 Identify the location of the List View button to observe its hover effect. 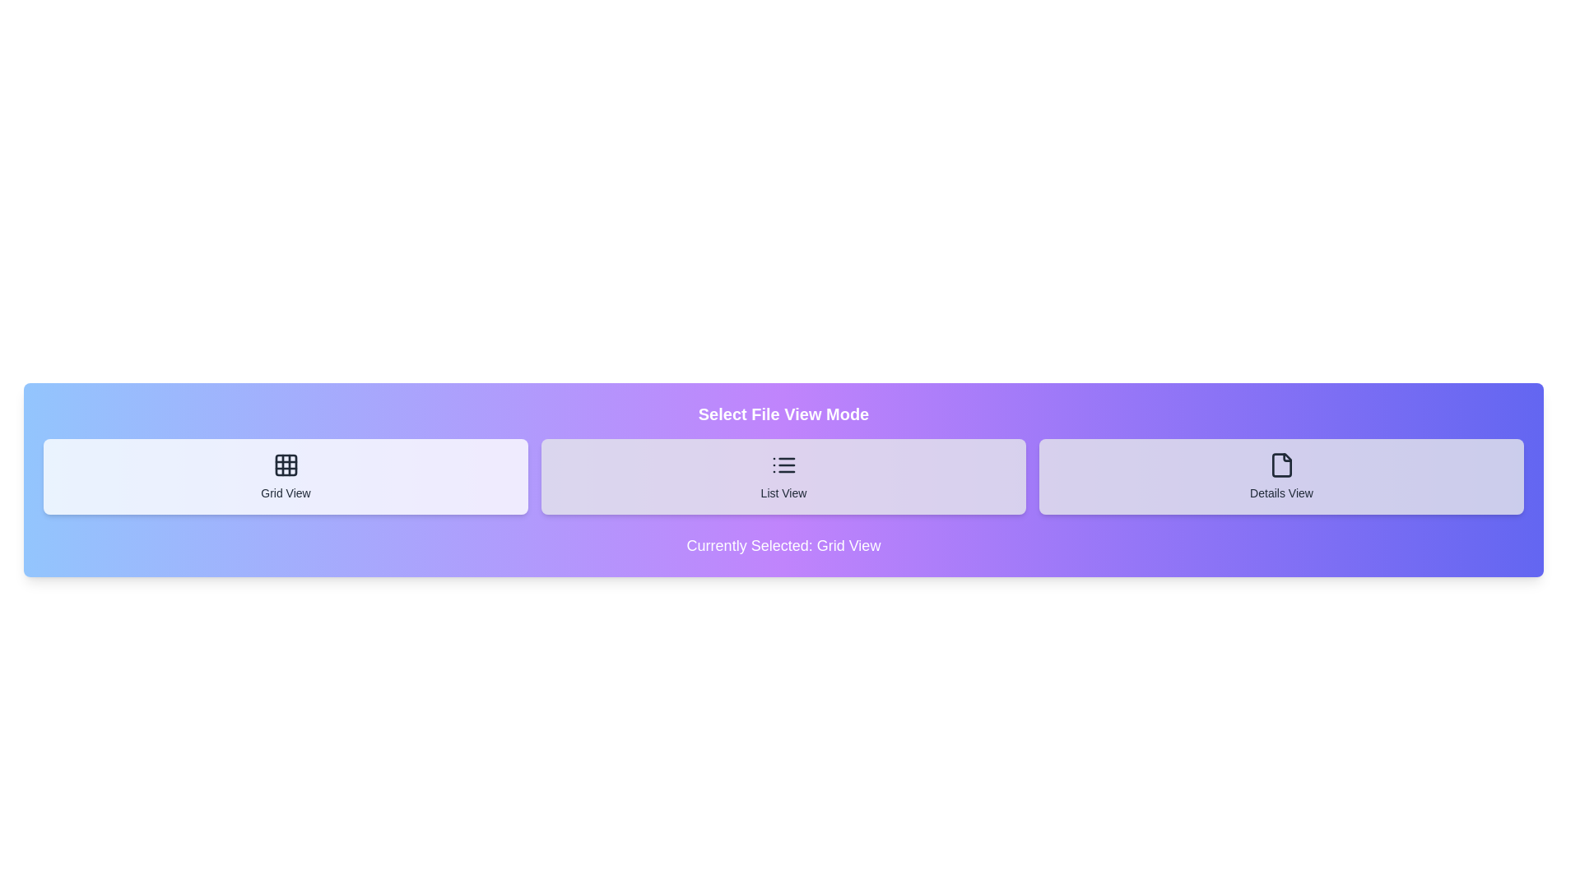
(783, 476).